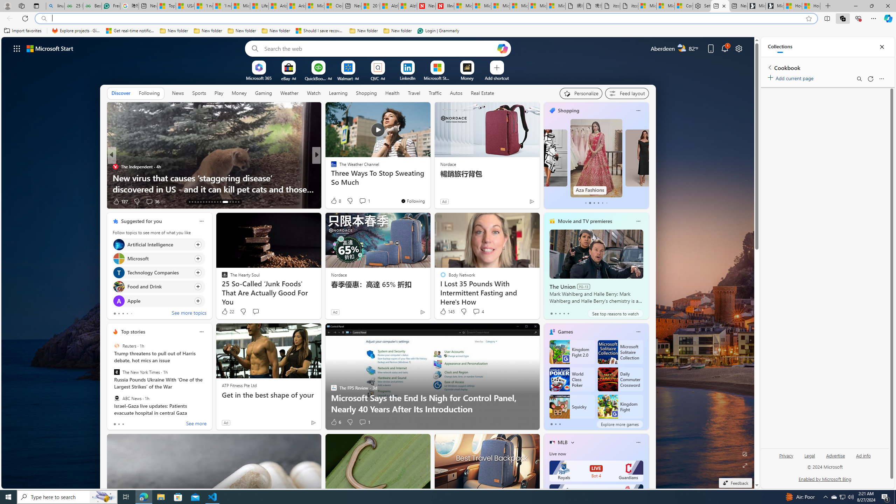 This screenshot has width=896, height=504. What do you see at coordinates (596, 471) in the screenshot?
I see `'Royals LIVE Bot 4 Guardians'` at bounding box center [596, 471].